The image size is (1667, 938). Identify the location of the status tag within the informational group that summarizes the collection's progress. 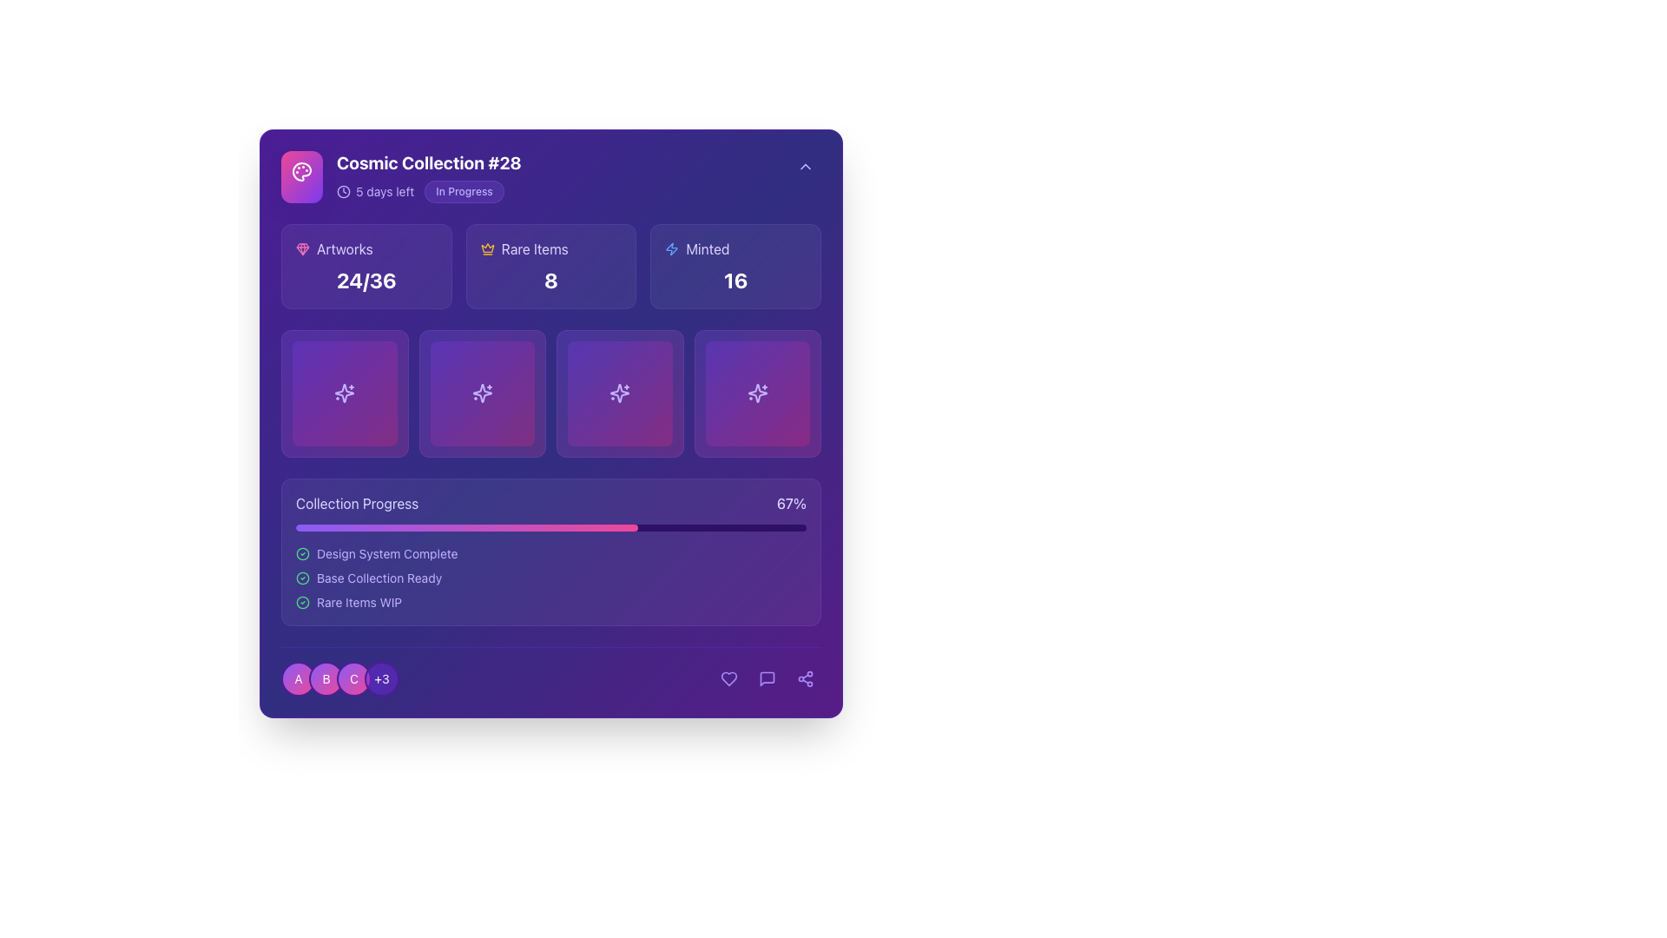
(429, 177).